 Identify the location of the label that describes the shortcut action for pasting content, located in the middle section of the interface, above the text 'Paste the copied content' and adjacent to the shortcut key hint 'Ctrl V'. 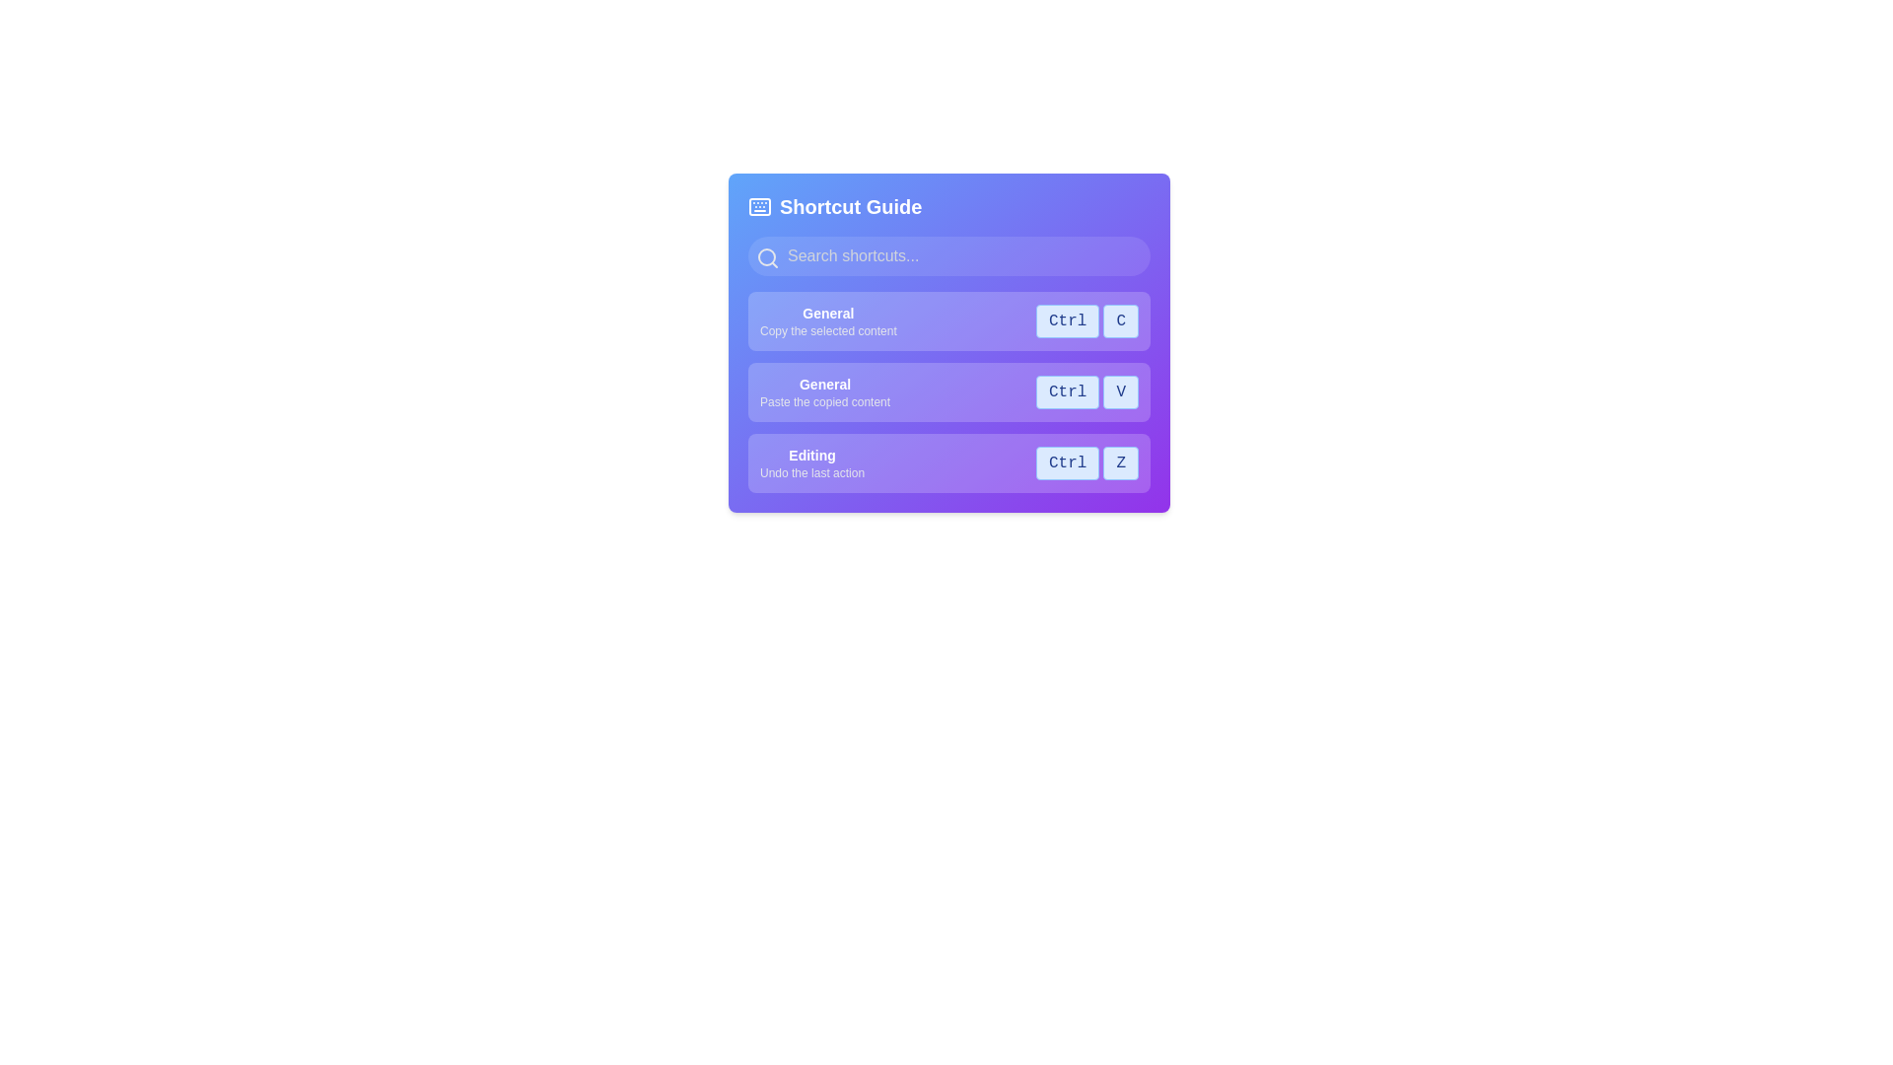
(825, 384).